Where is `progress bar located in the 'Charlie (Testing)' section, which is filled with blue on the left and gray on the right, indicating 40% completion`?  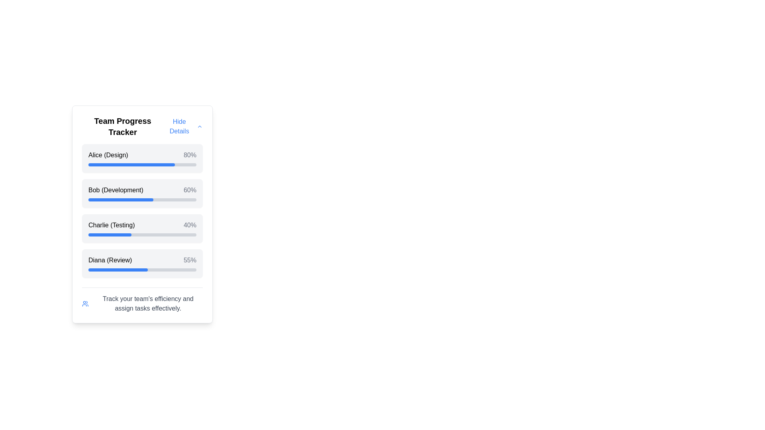 progress bar located in the 'Charlie (Testing)' section, which is filled with blue on the left and gray on the right, indicating 40% completion is located at coordinates (142, 235).